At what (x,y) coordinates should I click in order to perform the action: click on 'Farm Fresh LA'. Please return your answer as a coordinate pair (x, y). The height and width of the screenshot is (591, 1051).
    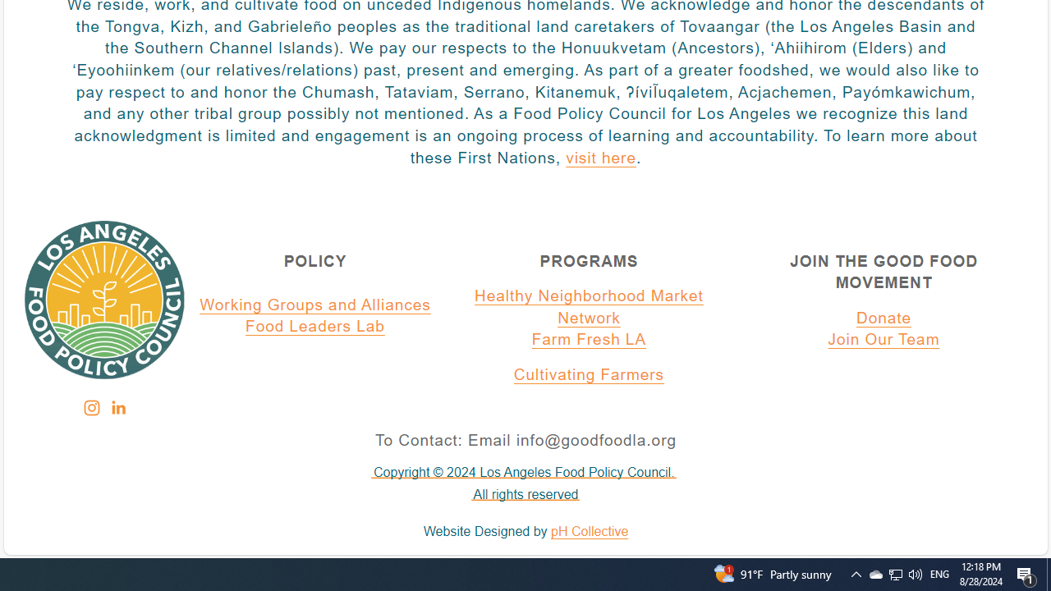
    Looking at the image, I should click on (589, 340).